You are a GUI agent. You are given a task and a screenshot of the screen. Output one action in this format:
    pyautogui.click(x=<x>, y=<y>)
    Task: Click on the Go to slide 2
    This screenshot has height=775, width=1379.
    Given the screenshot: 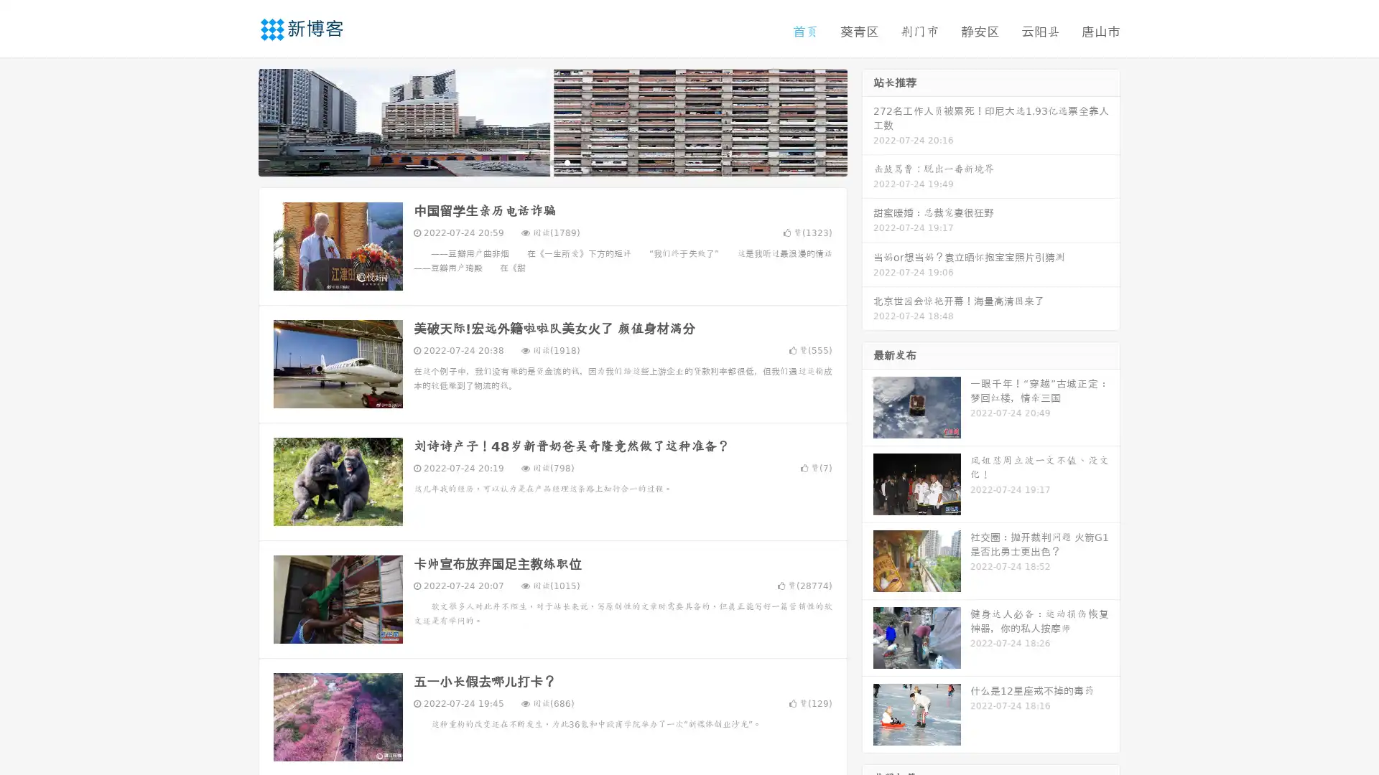 What is the action you would take?
    pyautogui.click(x=552, y=161)
    